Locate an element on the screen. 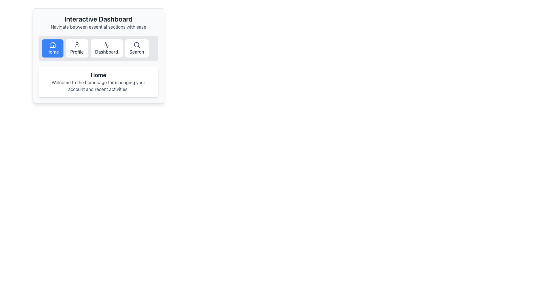 The image size is (544, 306). the 'Search' button, which features a magnifying glass icon above the text 'Search', located on the rightmost side of the 'Interactive Dashboard' section is located at coordinates (137, 48).